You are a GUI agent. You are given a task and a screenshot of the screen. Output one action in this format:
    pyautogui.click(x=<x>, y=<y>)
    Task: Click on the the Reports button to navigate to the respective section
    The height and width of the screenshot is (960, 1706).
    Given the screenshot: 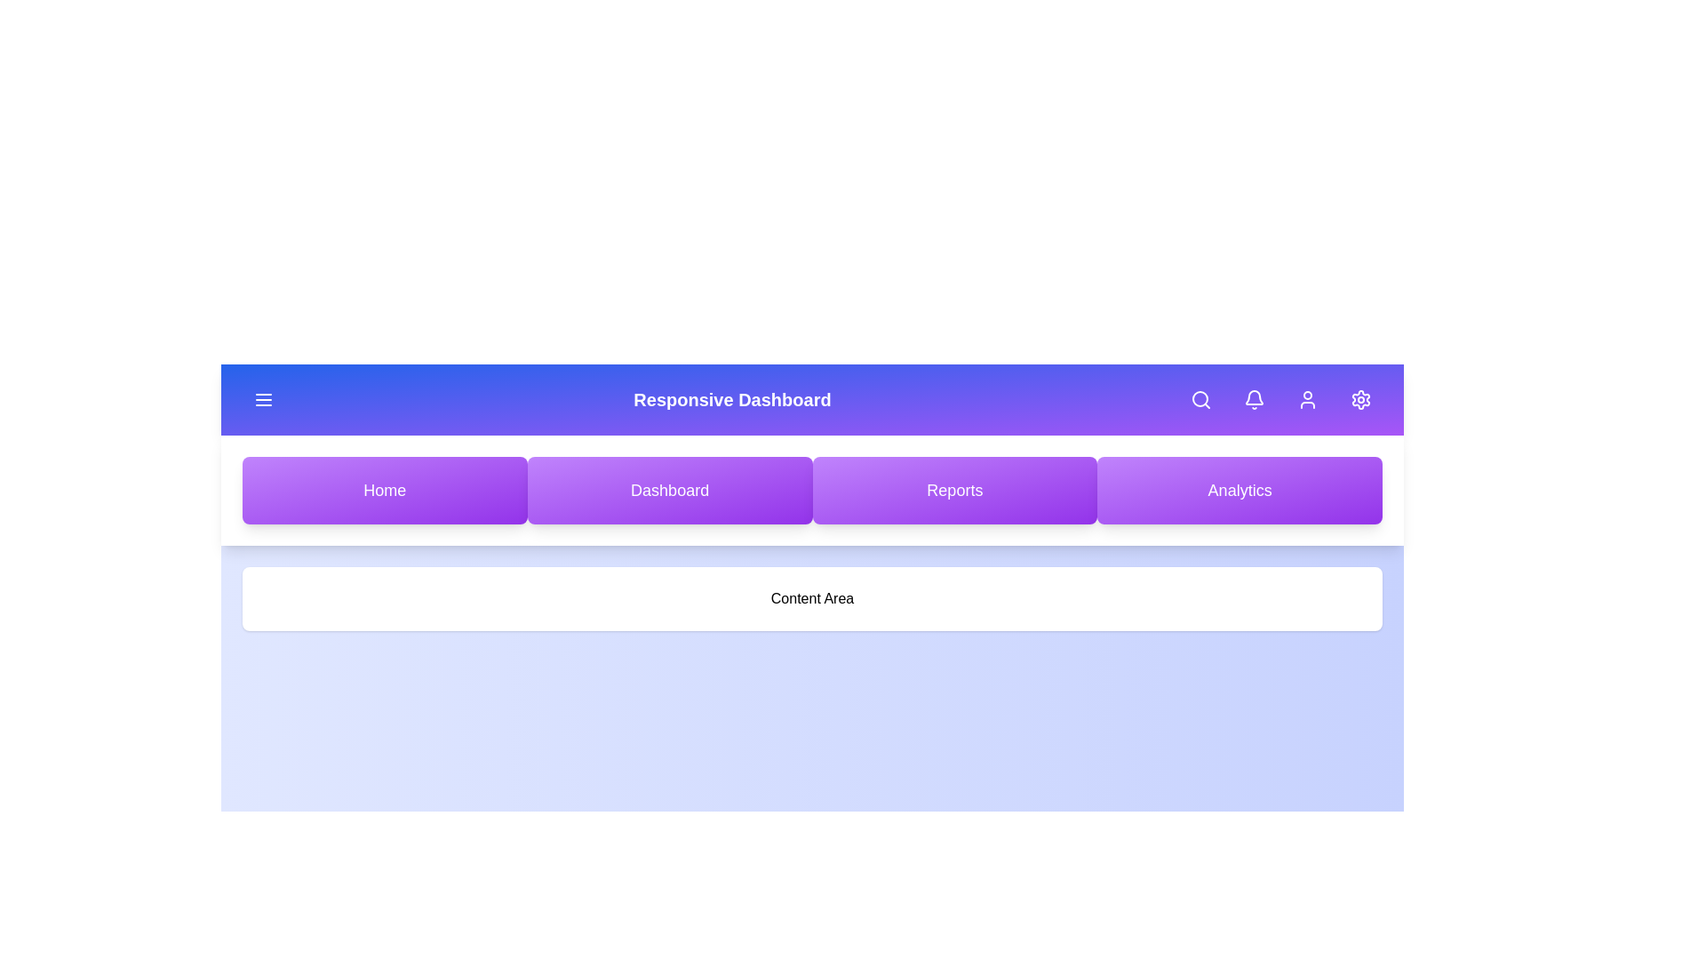 What is the action you would take?
    pyautogui.click(x=953, y=490)
    